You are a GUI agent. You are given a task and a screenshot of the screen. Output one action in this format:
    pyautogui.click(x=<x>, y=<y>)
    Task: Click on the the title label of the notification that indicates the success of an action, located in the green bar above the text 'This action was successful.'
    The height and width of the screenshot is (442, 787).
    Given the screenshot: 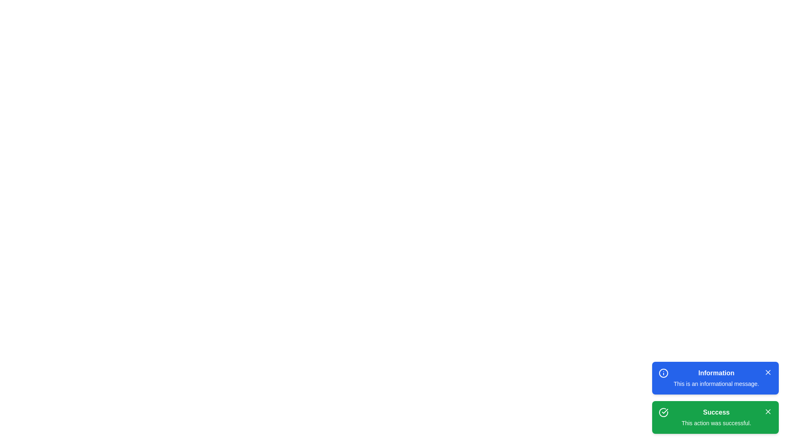 What is the action you would take?
    pyautogui.click(x=716, y=412)
    